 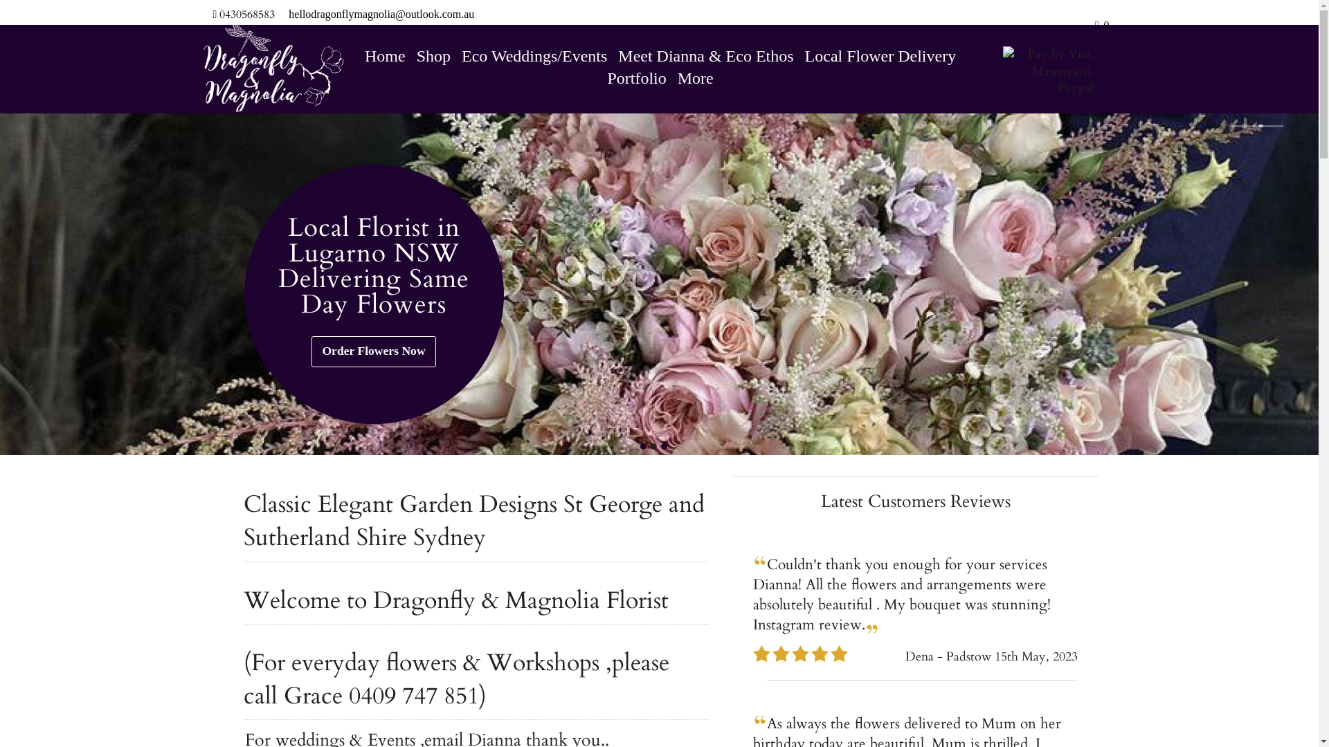 What do you see at coordinates (534, 55) in the screenshot?
I see `'Eco Weddings/Events'` at bounding box center [534, 55].